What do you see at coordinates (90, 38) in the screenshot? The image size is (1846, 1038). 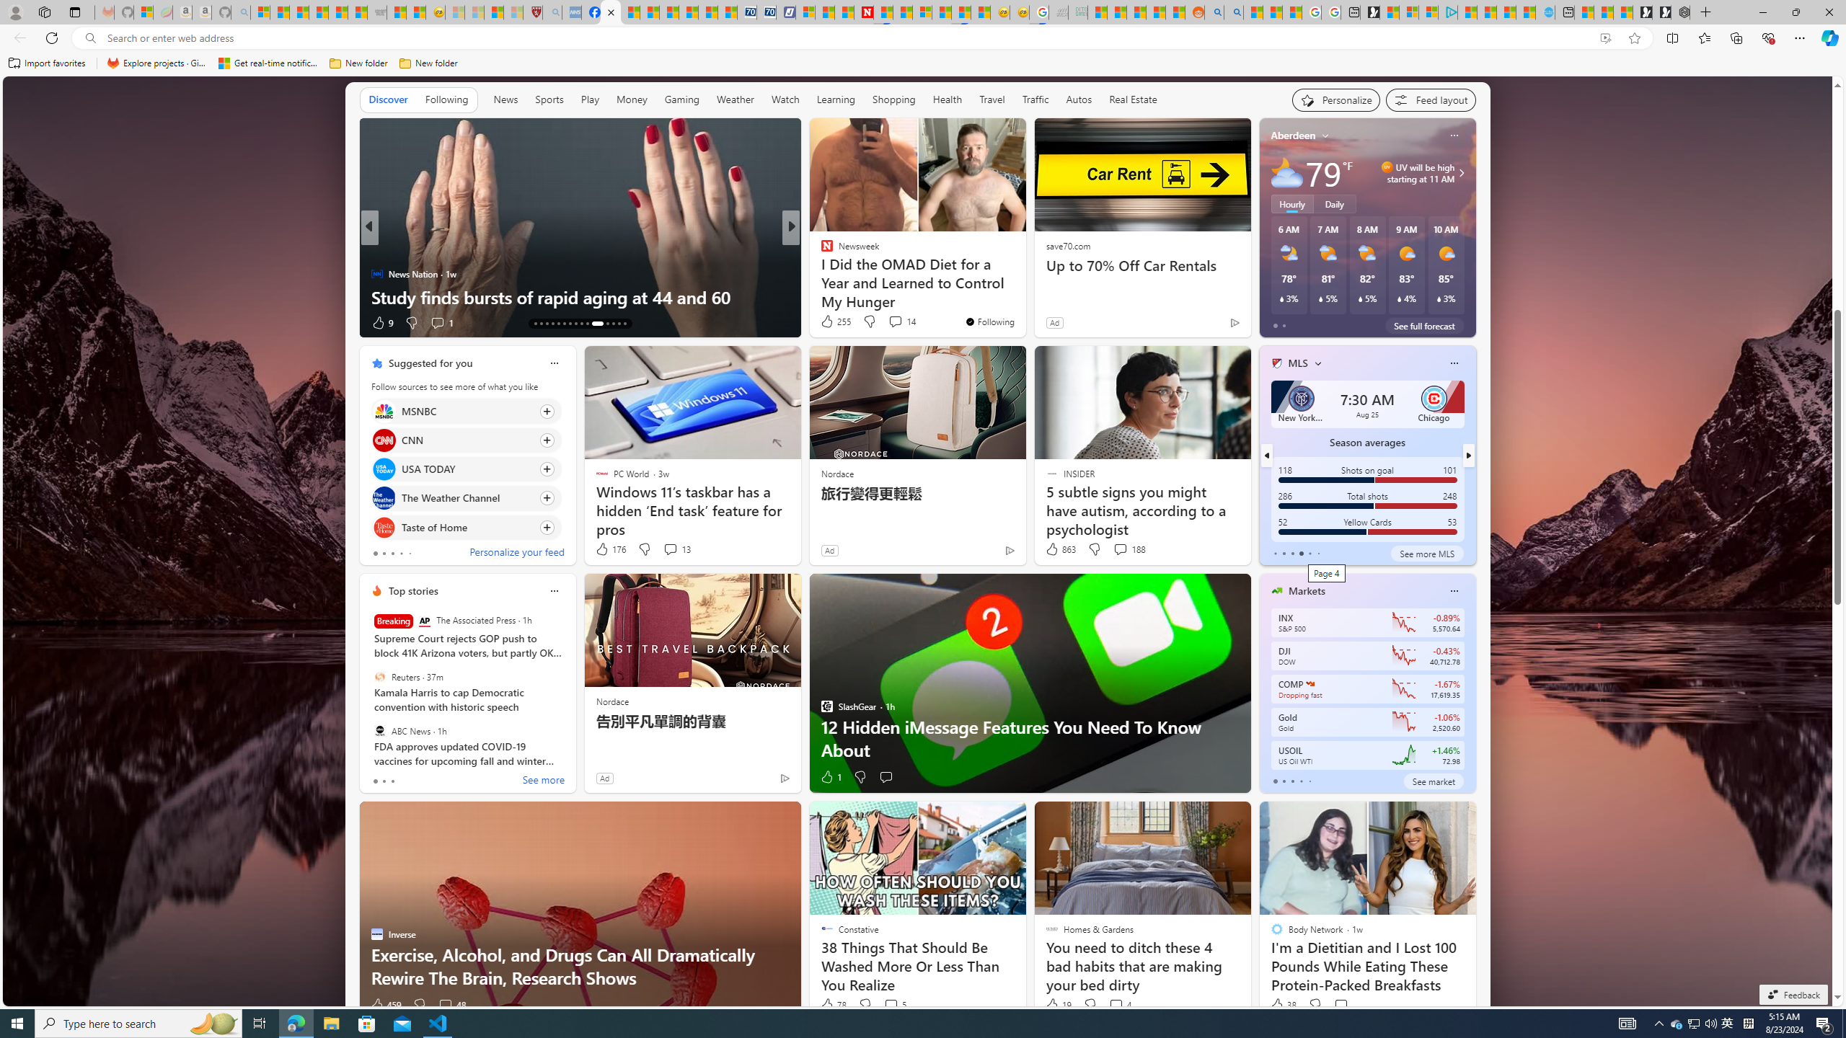 I see `'Search icon'` at bounding box center [90, 38].